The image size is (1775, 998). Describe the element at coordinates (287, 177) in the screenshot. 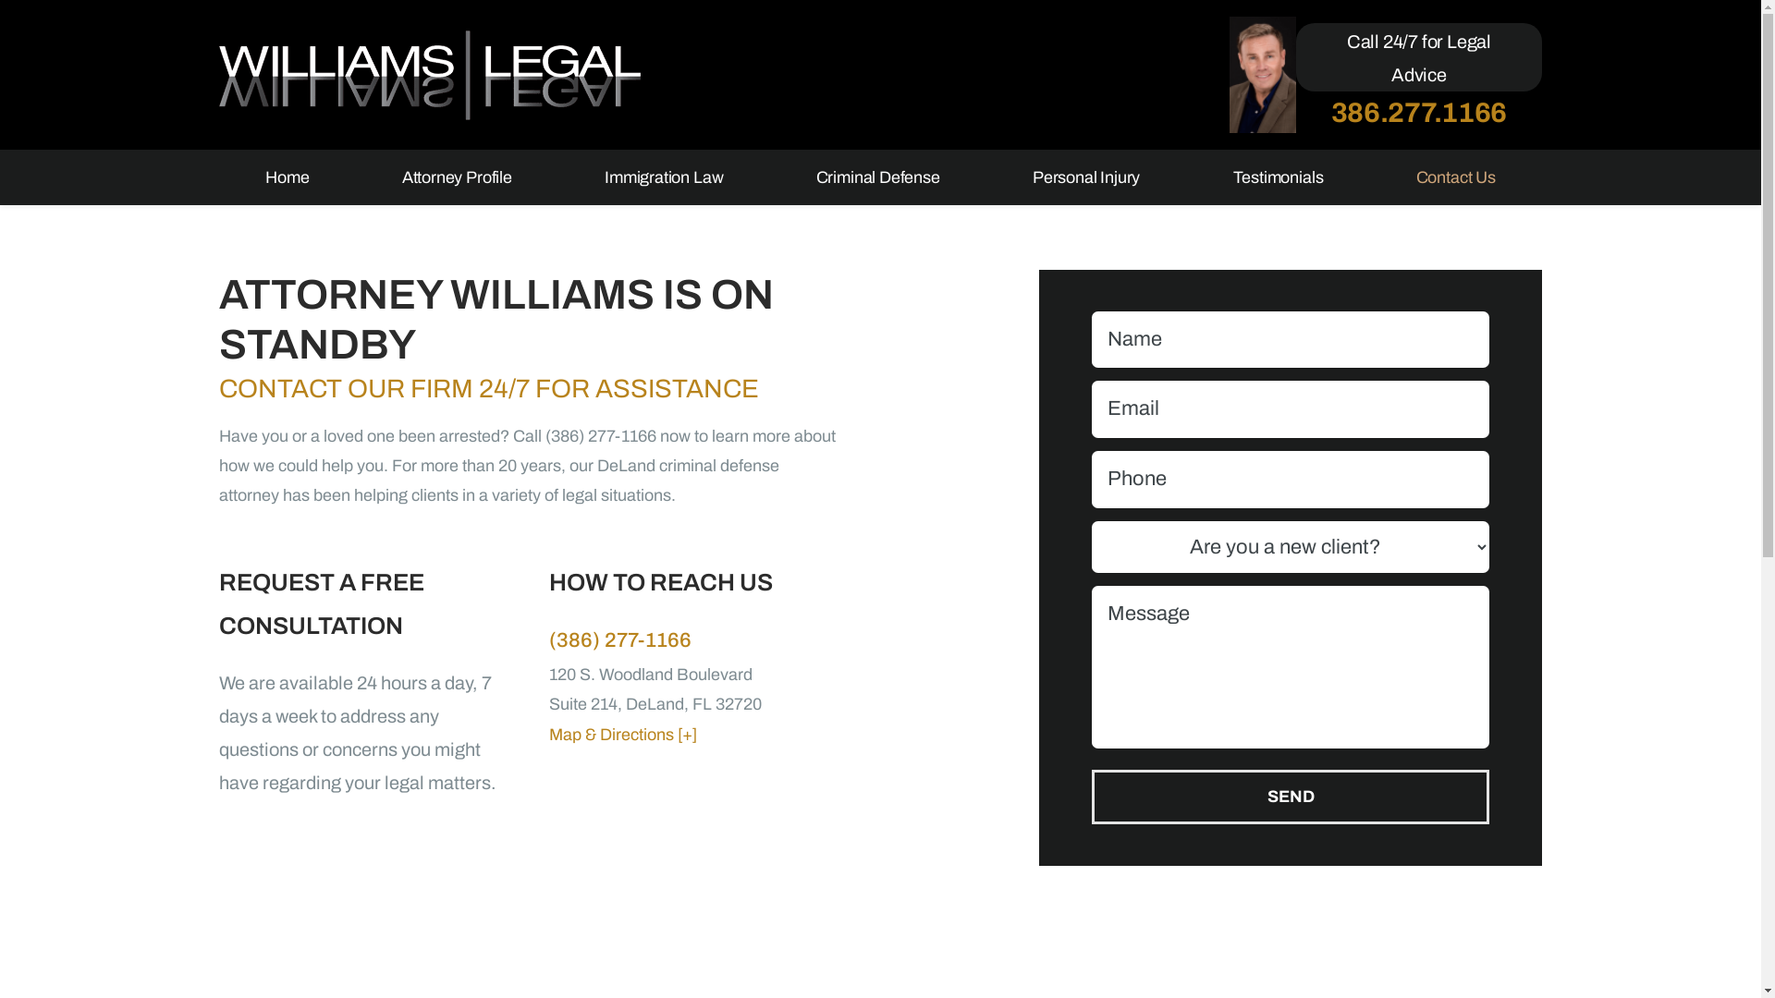

I see `'Home'` at that location.